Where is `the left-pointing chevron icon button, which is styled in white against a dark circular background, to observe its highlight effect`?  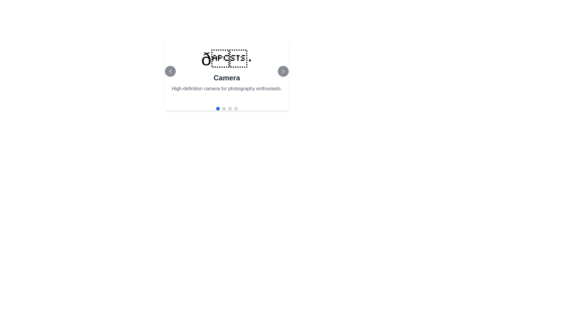
the left-pointing chevron icon button, which is styled in white against a dark circular background, to observe its highlight effect is located at coordinates (170, 71).